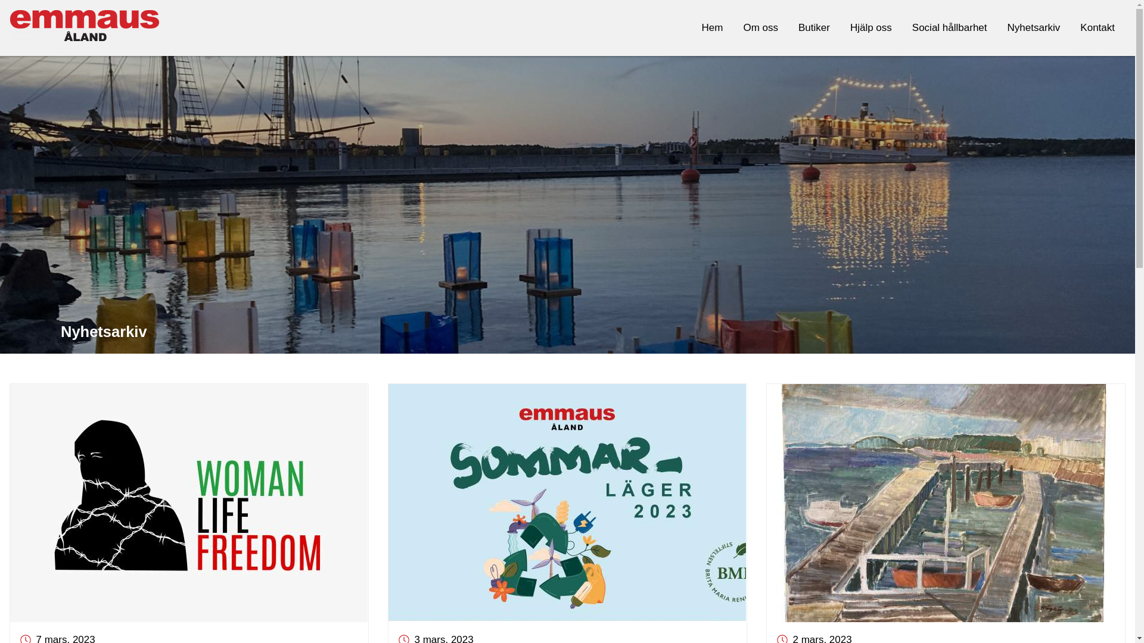  Describe the element at coordinates (760, 27) in the screenshot. I see `'Om oss'` at that location.